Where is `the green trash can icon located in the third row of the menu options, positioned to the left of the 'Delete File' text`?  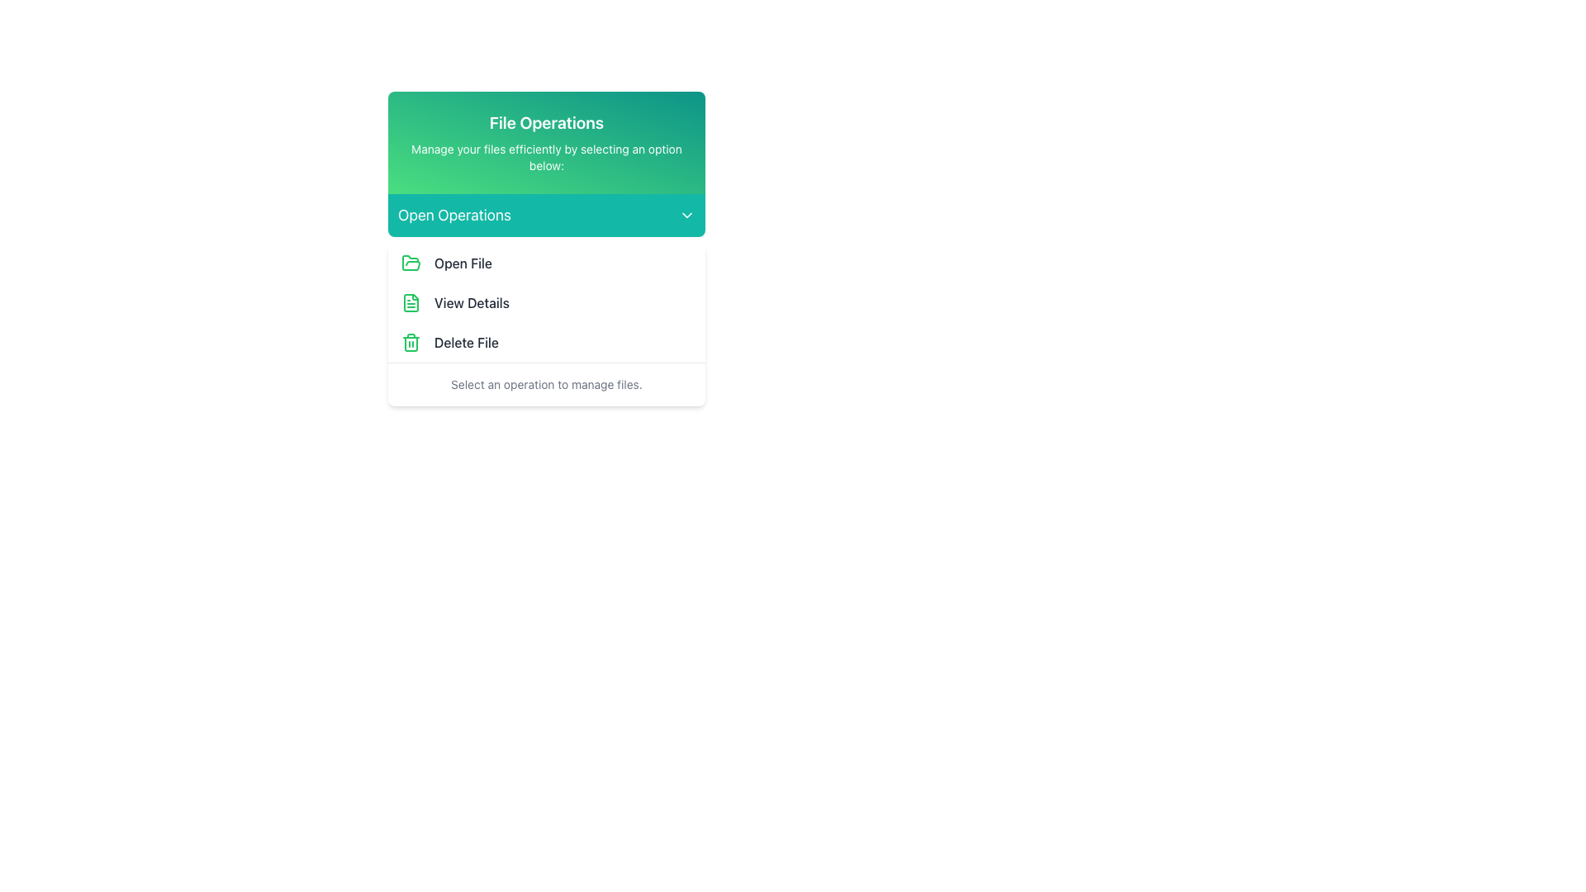 the green trash can icon located in the third row of the menu options, positioned to the left of the 'Delete File' text is located at coordinates (411, 342).